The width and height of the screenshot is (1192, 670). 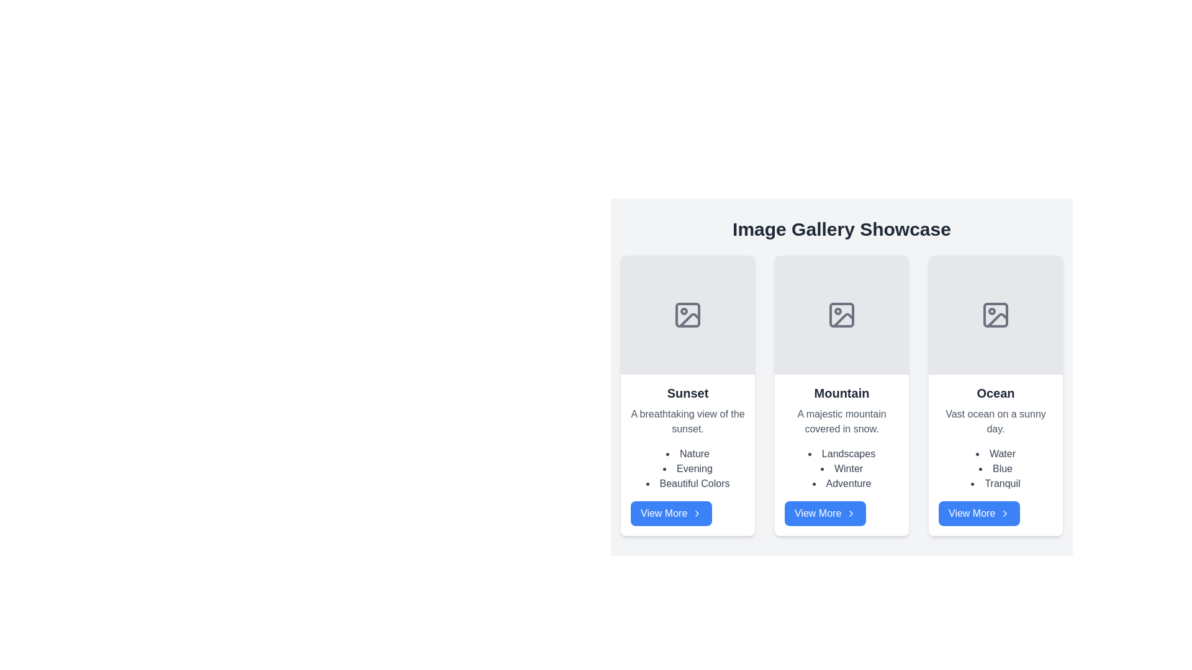 What do you see at coordinates (995, 454) in the screenshot?
I see `the first item in the bulleted list under the 'Ocean' section, which serves as a label representing a characteristic related to the topic` at bounding box center [995, 454].